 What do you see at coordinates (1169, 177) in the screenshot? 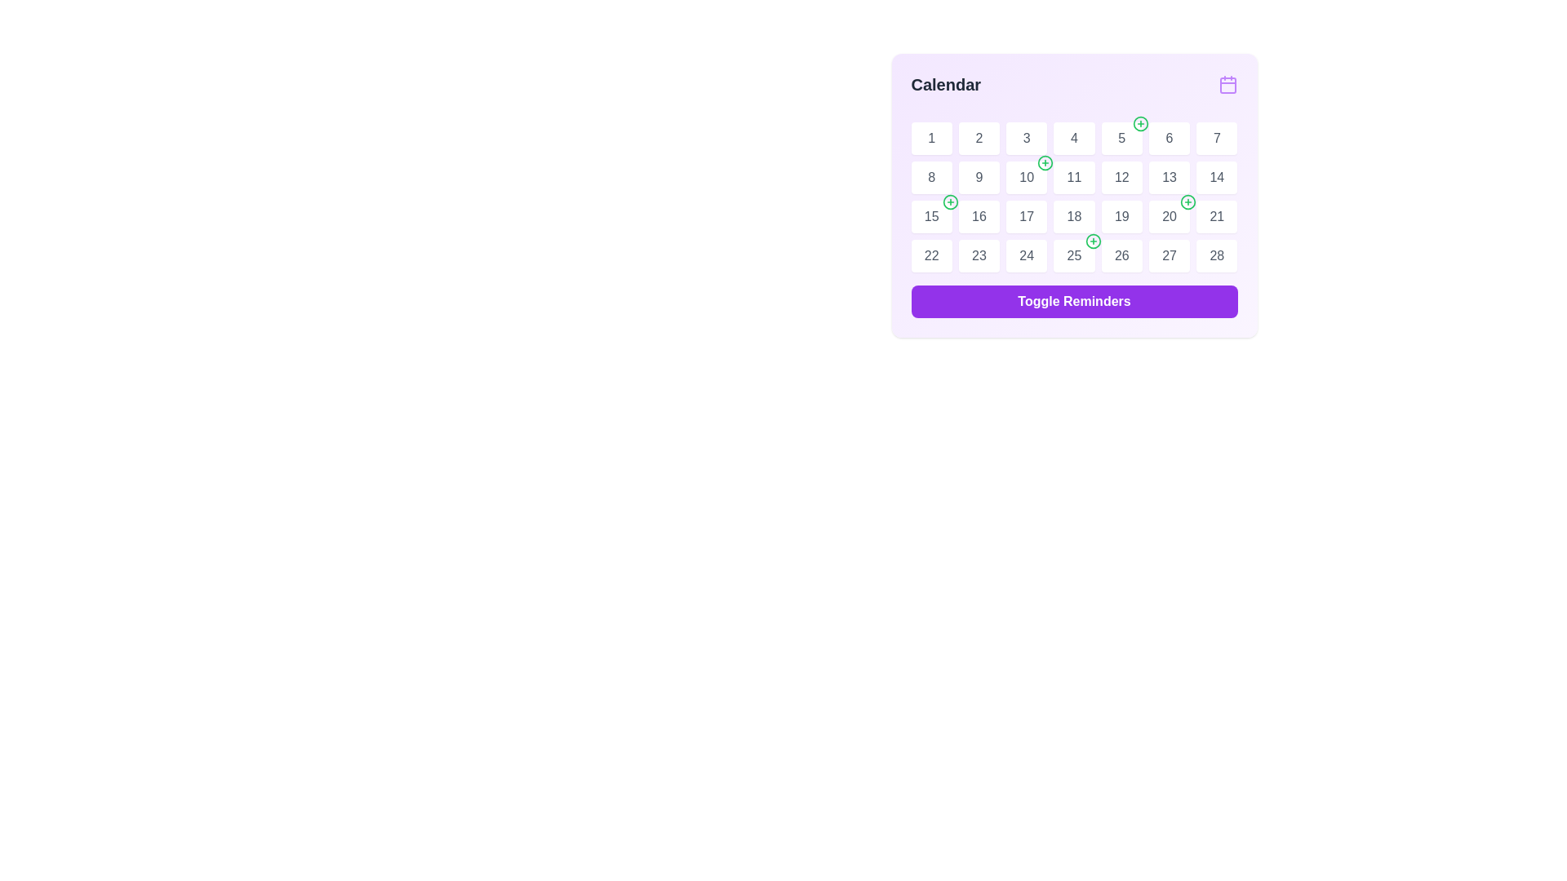
I see `date displayed as '13' in gray color, styled in a sans-serif font, located in the fifth cell of the third row of the calendar grid` at bounding box center [1169, 177].